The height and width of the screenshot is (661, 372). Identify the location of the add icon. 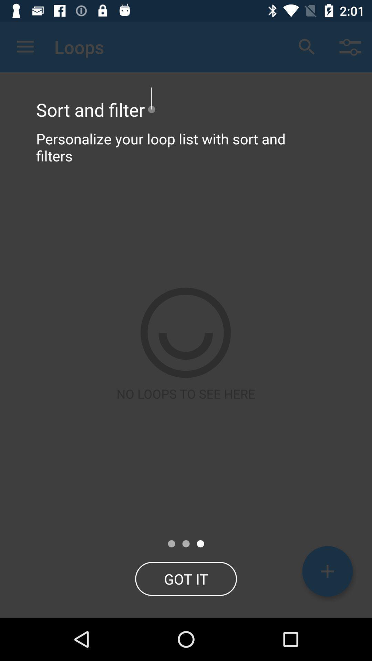
(327, 571).